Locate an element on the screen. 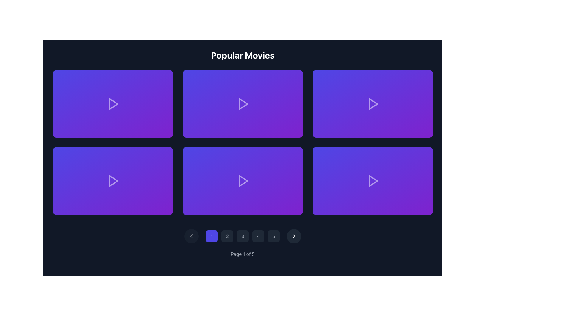 The height and width of the screenshot is (321, 572). the play button icon located at the bottom center of the card grid is located at coordinates (243, 180).